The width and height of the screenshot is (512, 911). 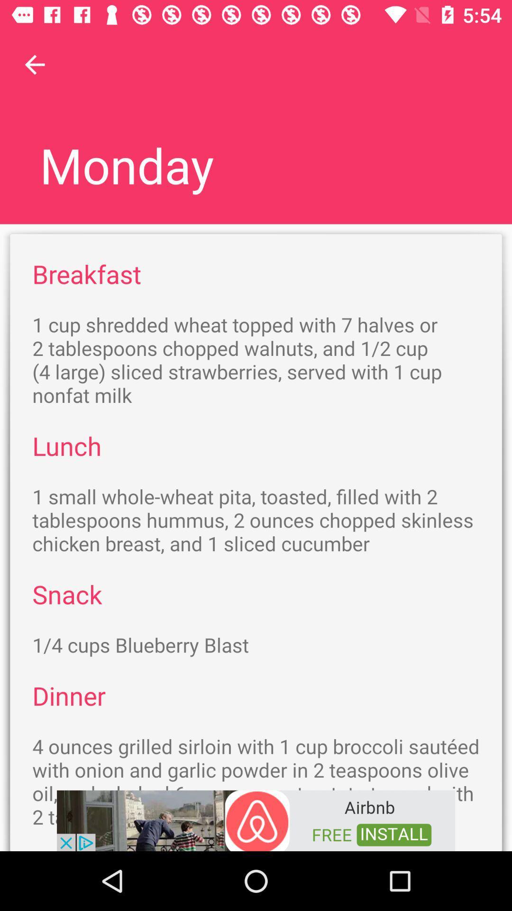 What do you see at coordinates (256, 819) in the screenshot?
I see `adventisment page` at bounding box center [256, 819].